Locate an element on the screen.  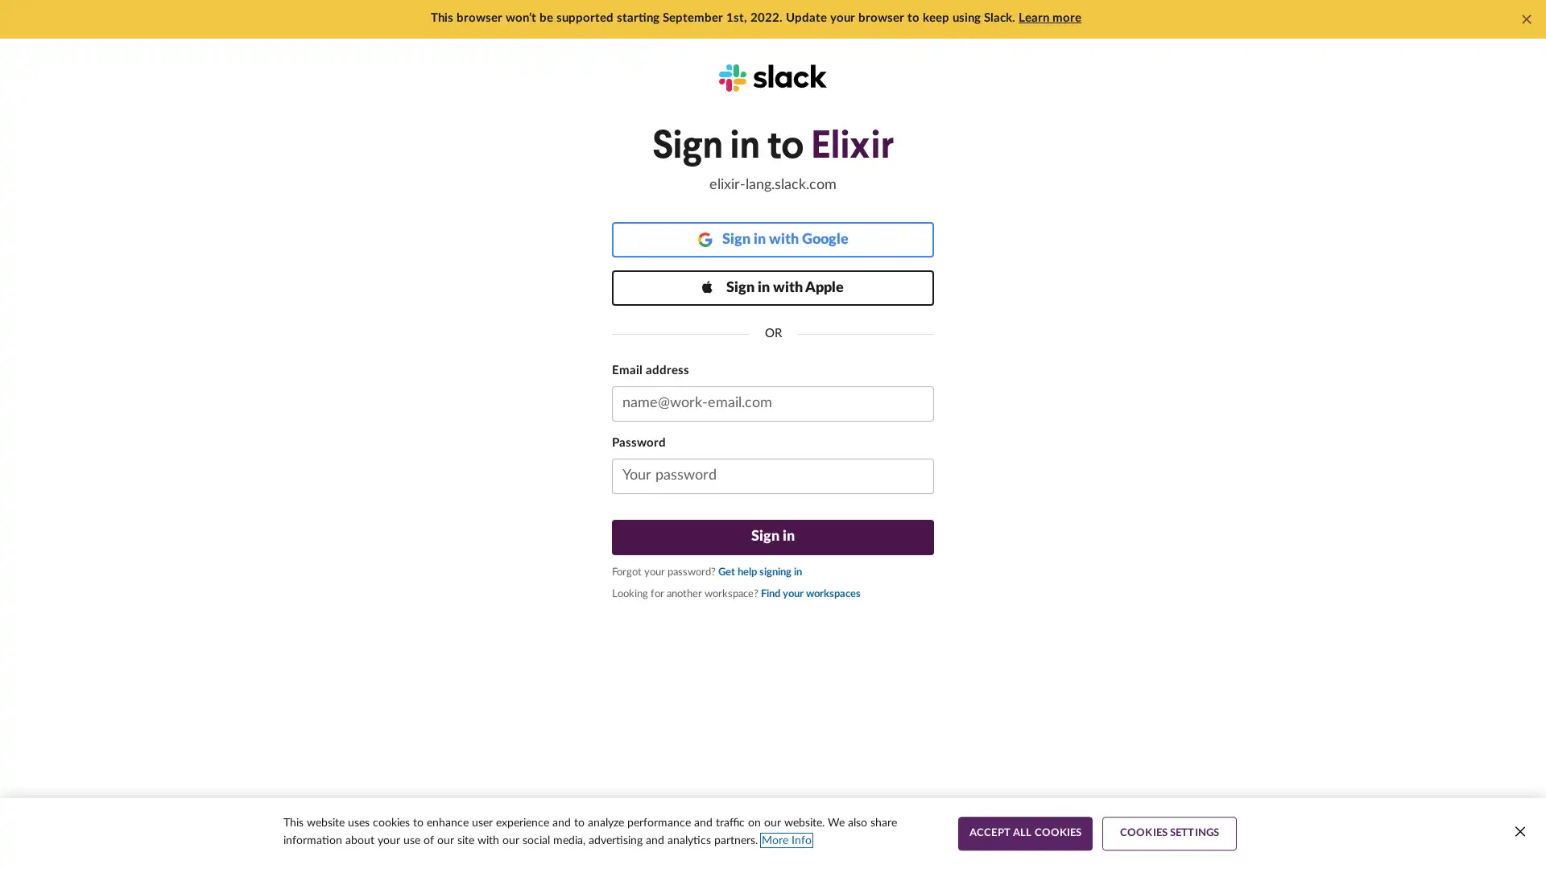
COOKIES SETTINGS is located at coordinates (1169, 833).